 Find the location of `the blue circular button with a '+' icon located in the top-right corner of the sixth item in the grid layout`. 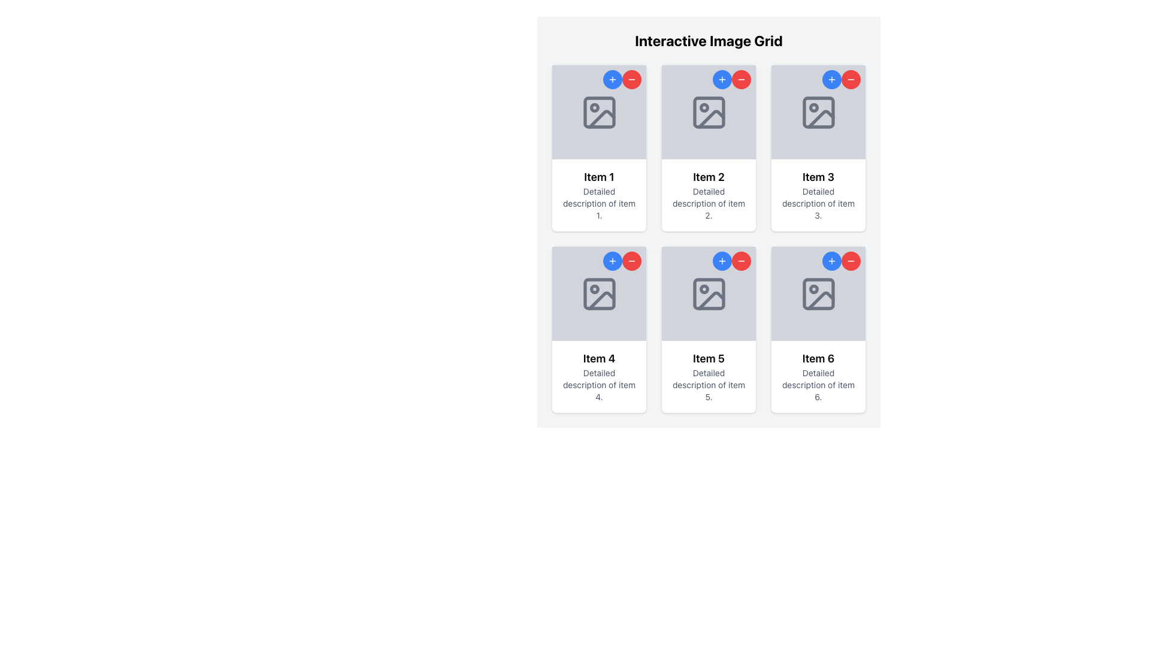

the blue circular button with a '+' icon located in the top-right corner of the sixth item in the grid layout is located at coordinates (831, 260).